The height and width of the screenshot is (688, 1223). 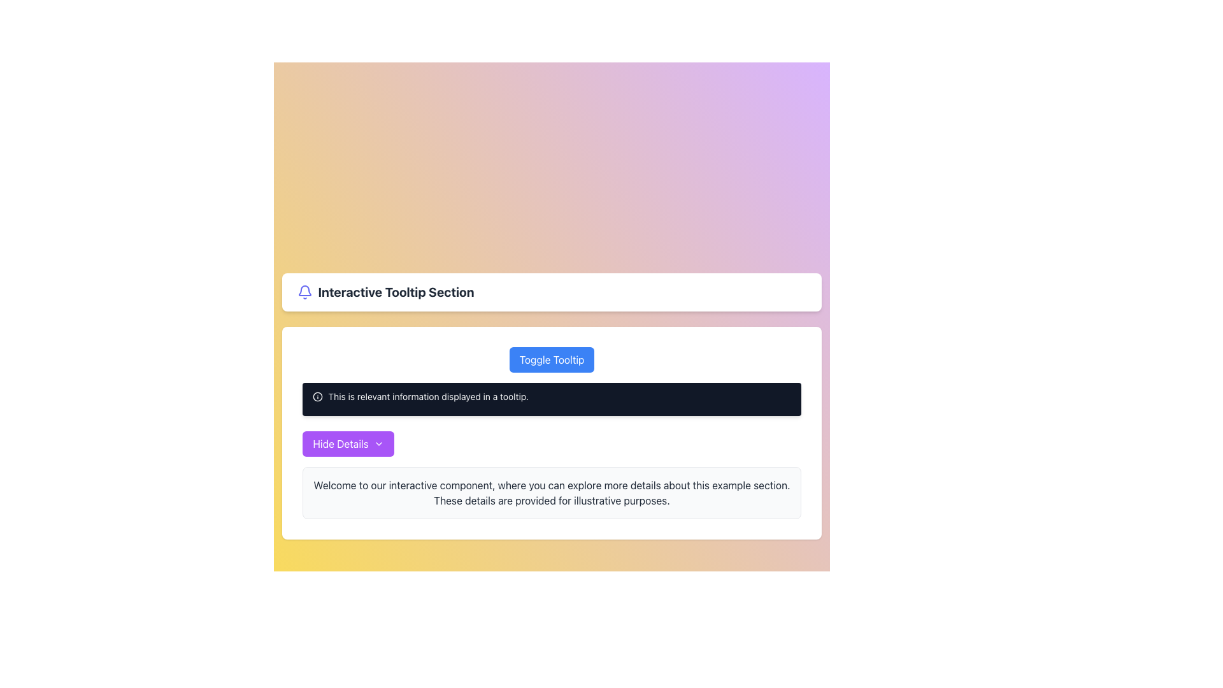 I want to click on the small circular icon with an 'i' symbol inside, representing information, located at the left-hand side of the dark notification-style box containing the tooltip text, so click(x=318, y=396).